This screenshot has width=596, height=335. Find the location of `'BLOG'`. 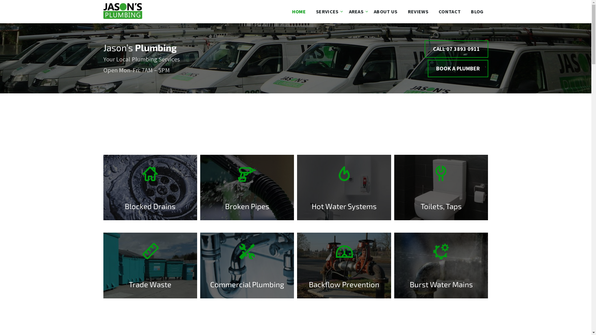

'BLOG' is located at coordinates (476, 11).